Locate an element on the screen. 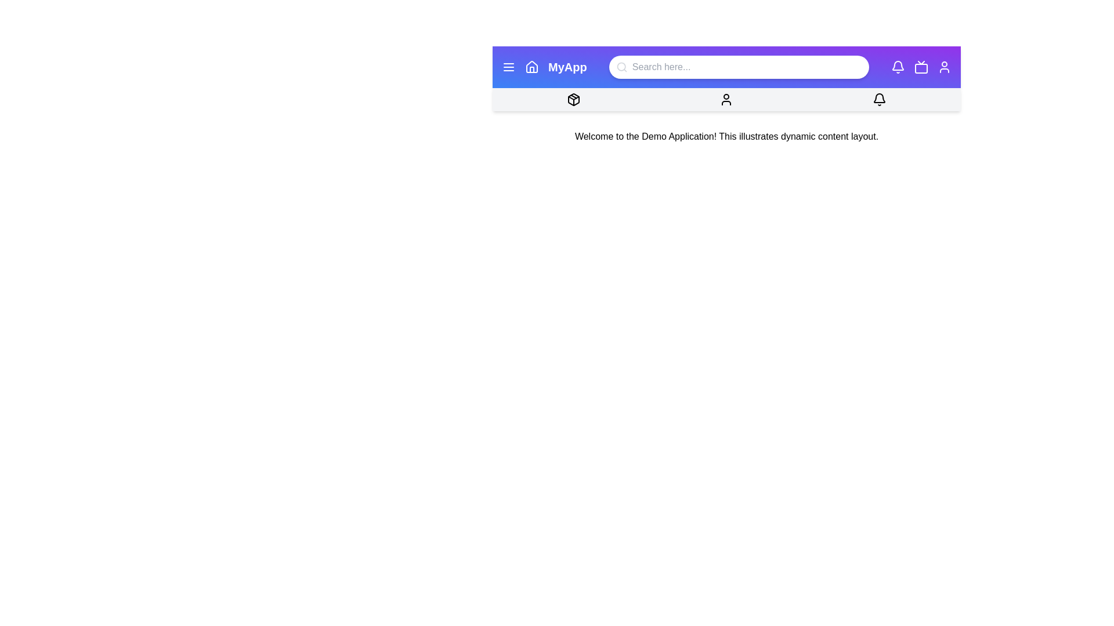 The width and height of the screenshot is (1114, 626). the home button to navigate to the home section is located at coordinates (531, 67).